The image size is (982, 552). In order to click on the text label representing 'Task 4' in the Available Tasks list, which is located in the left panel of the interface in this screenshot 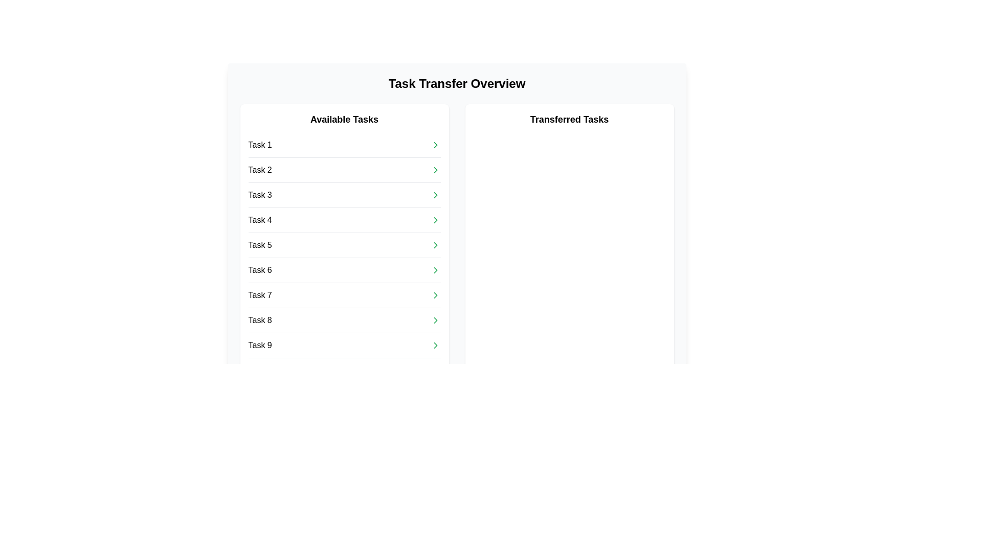, I will do `click(260, 220)`.